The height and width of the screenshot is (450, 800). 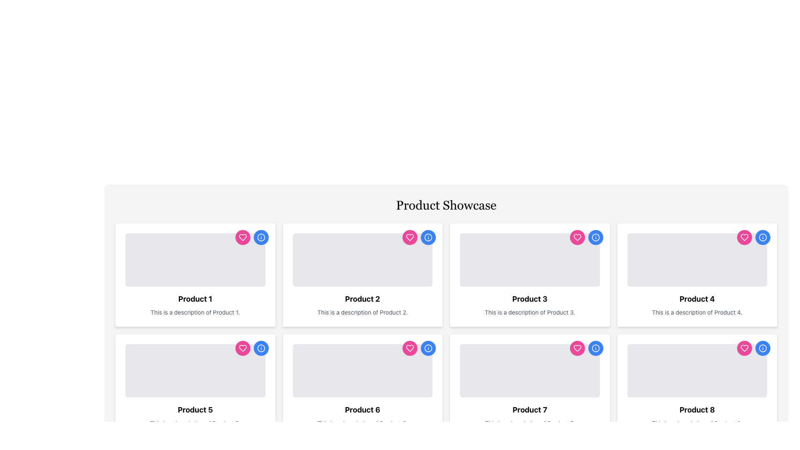 What do you see at coordinates (762, 348) in the screenshot?
I see `the circular graphic element located at the top-right corner of the 'Product 8' card with a radius of 10 units, centered at coordinates 1831, 836` at bounding box center [762, 348].